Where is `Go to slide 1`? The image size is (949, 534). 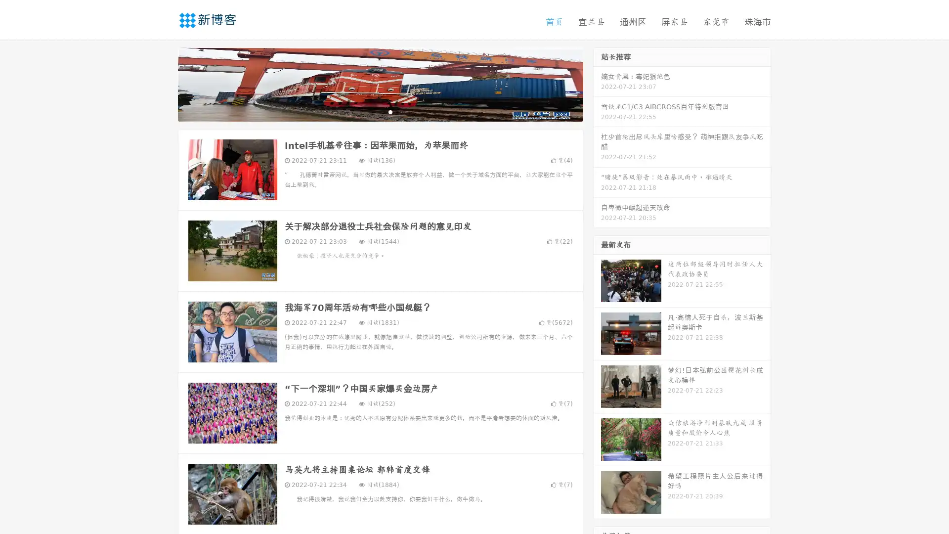
Go to slide 1 is located at coordinates (370, 111).